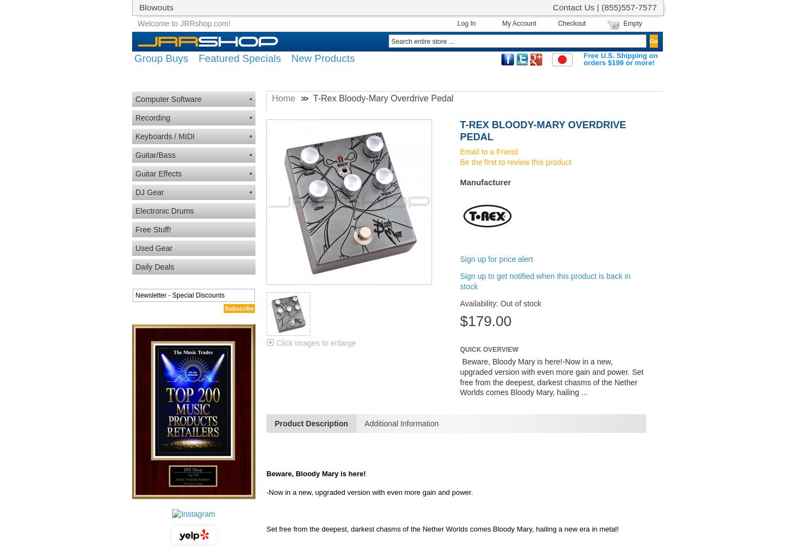  I want to click on 'Daily Deals', so click(155, 266).